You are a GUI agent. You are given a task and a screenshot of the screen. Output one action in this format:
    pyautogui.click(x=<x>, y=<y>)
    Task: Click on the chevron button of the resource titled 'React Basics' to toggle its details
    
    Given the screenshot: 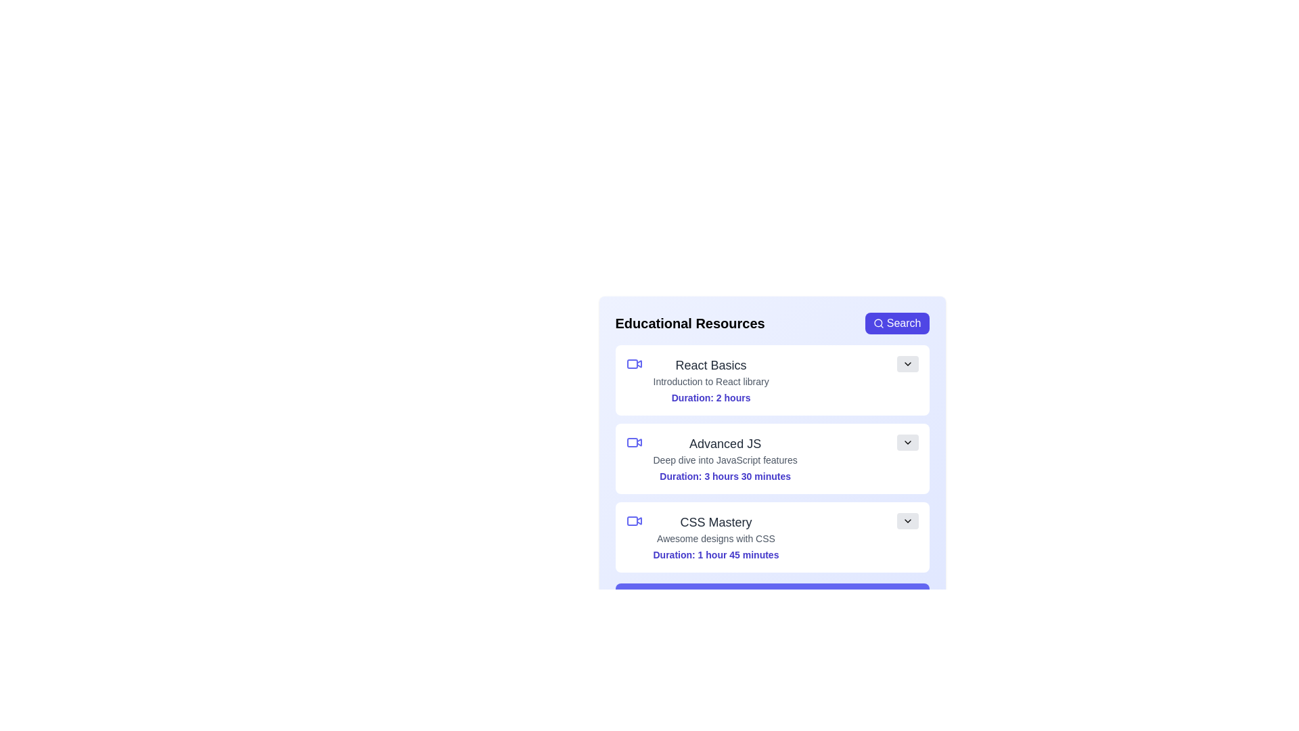 What is the action you would take?
    pyautogui.click(x=907, y=363)
    